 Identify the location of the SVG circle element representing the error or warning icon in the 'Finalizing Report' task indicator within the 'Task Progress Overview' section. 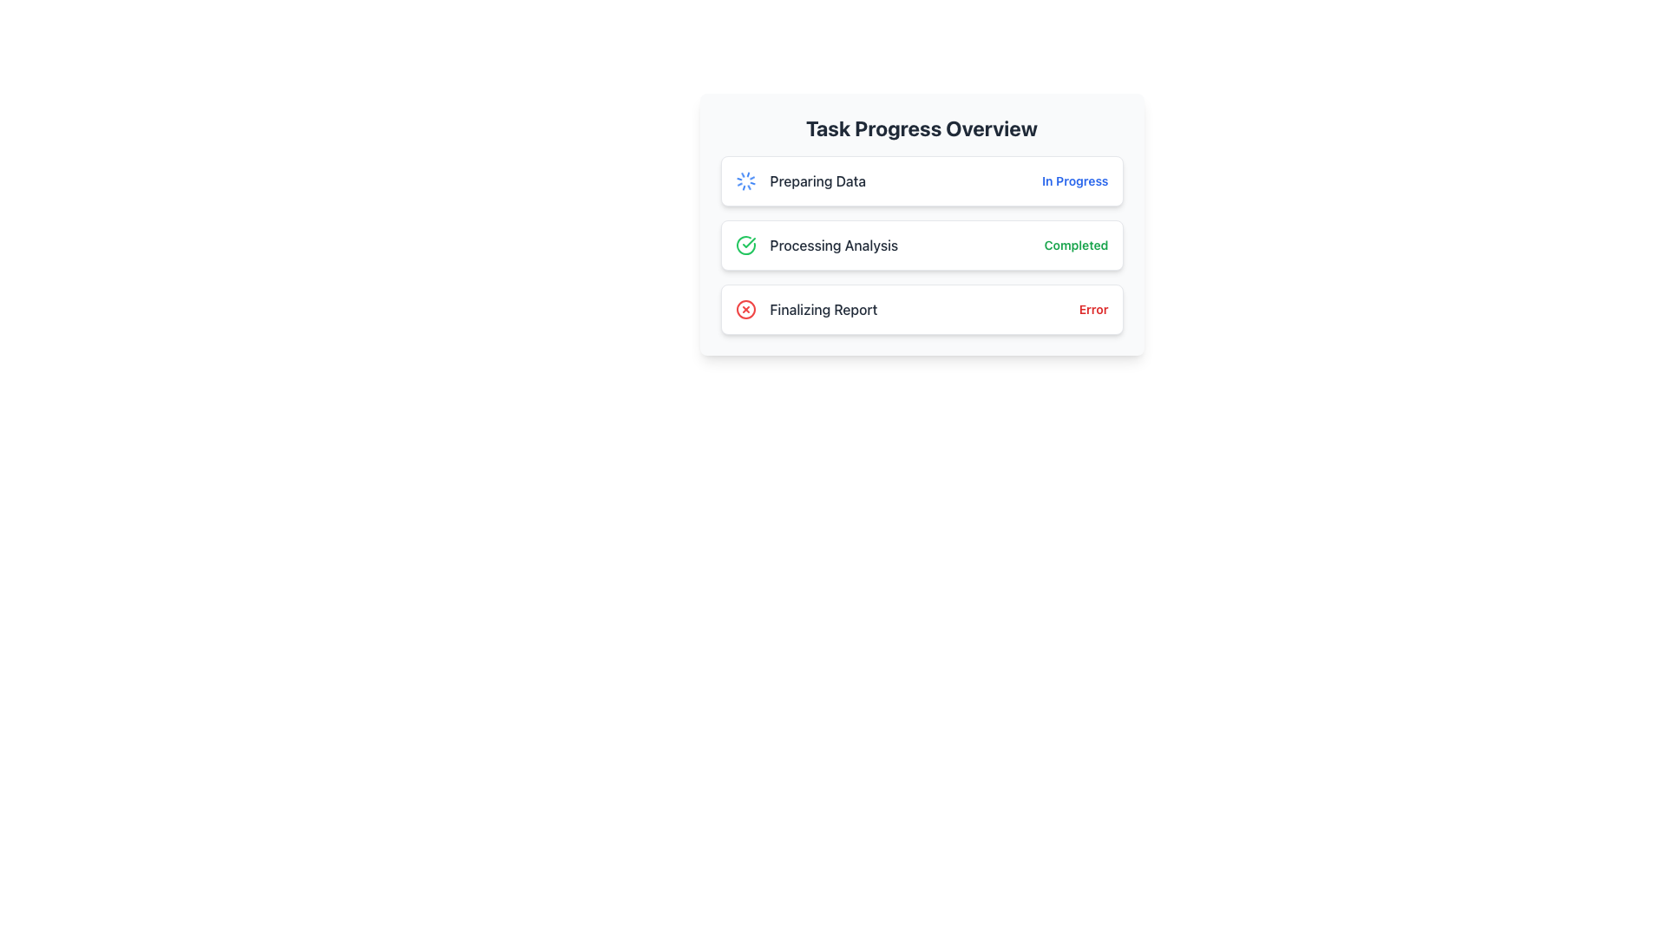
(745, 309).